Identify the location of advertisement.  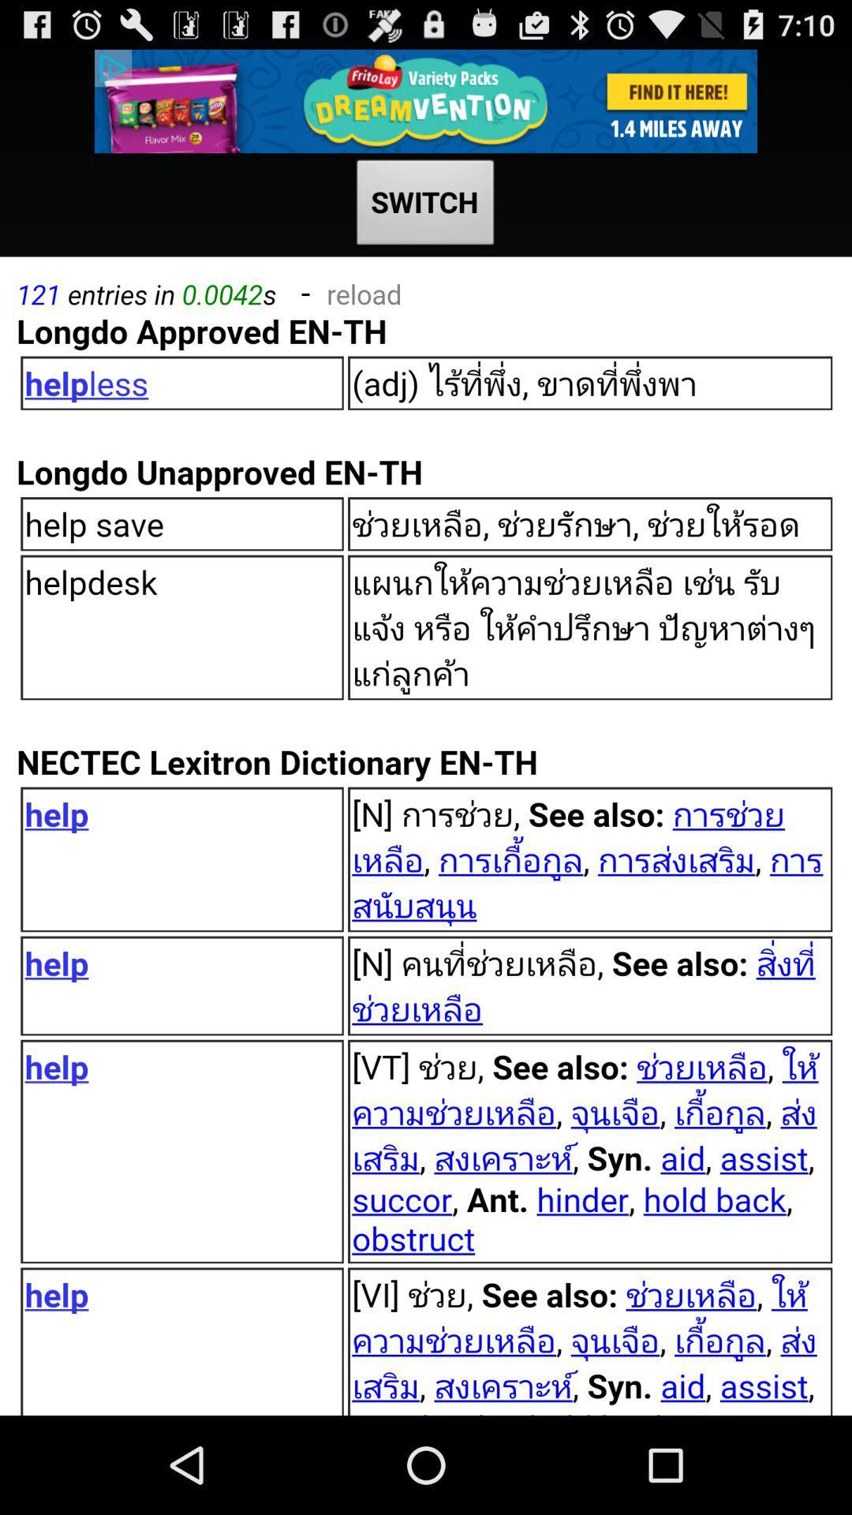
(426, 100).